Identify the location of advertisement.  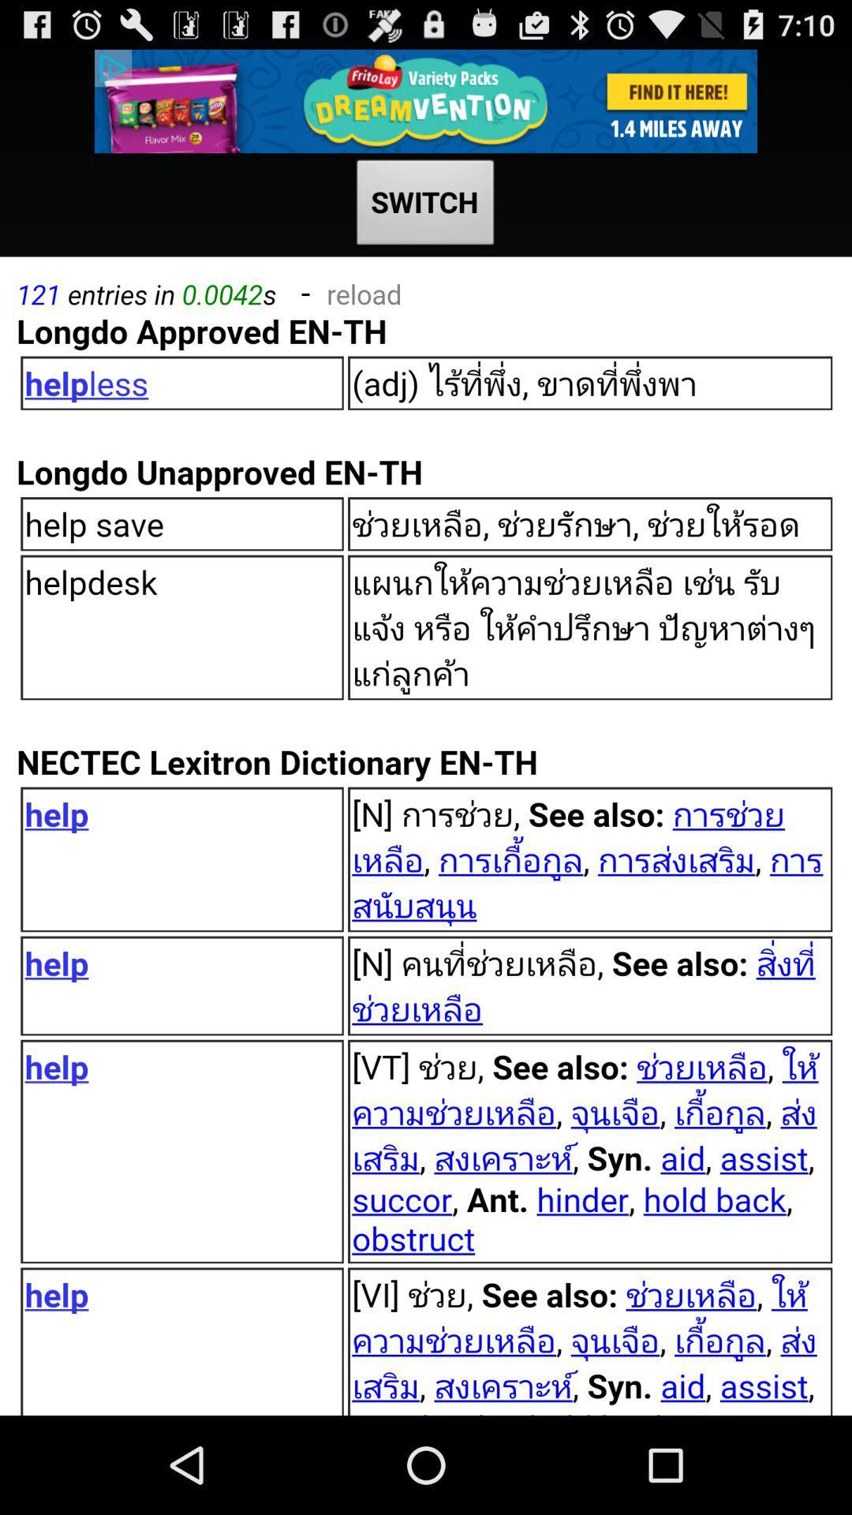
(426, 100).